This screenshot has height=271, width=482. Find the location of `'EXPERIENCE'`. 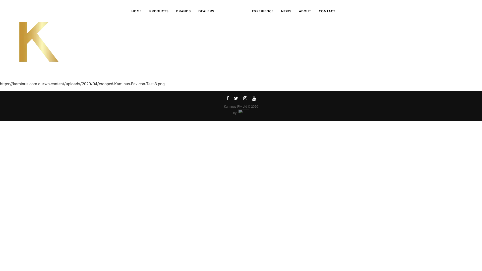

'EXPERIENCE' is located at coordinates (262, 11).